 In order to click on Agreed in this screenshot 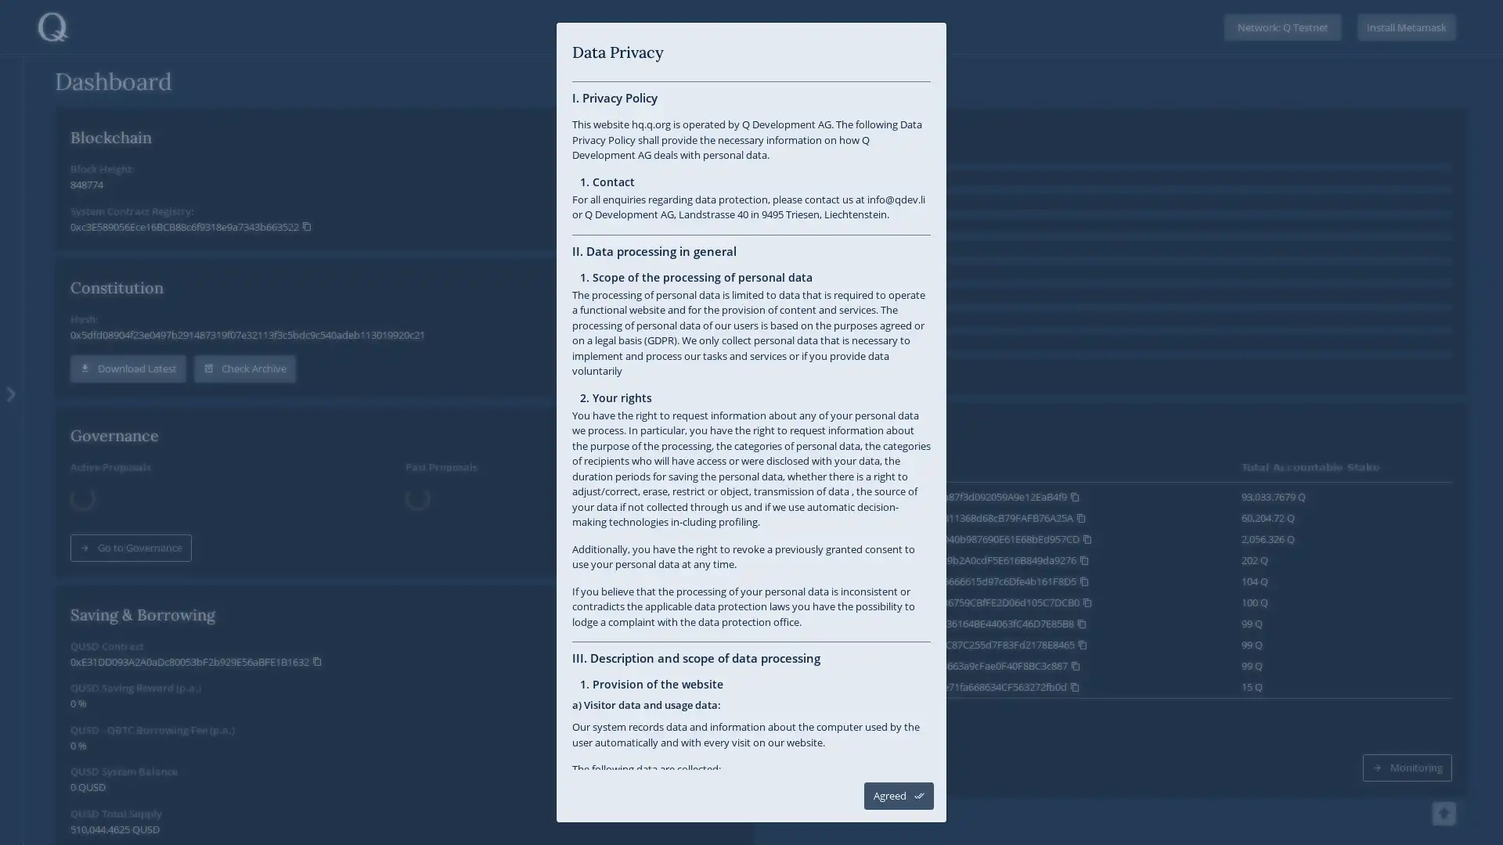, I will do `click(899, 796)`.